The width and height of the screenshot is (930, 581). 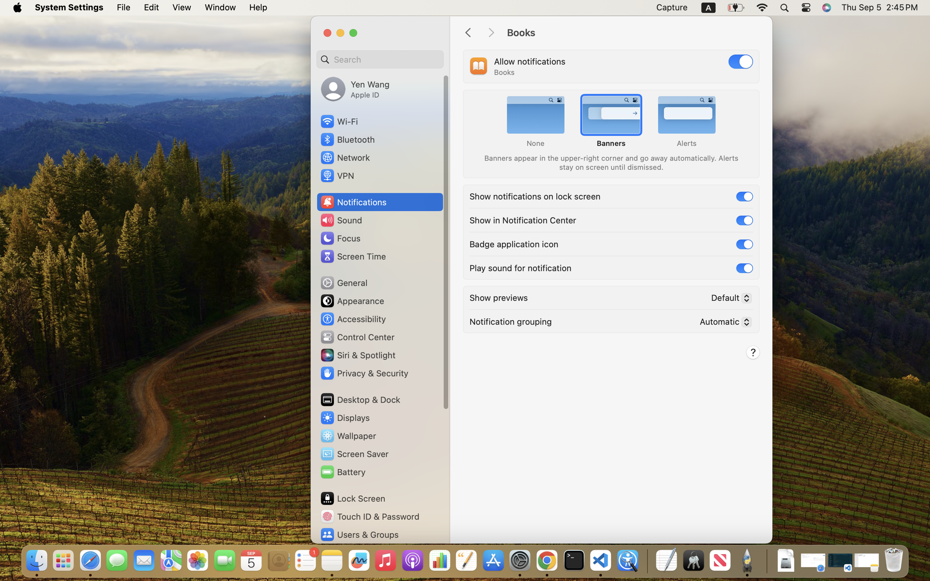 I want to click on 'VPN', so click(x=337, y=175).